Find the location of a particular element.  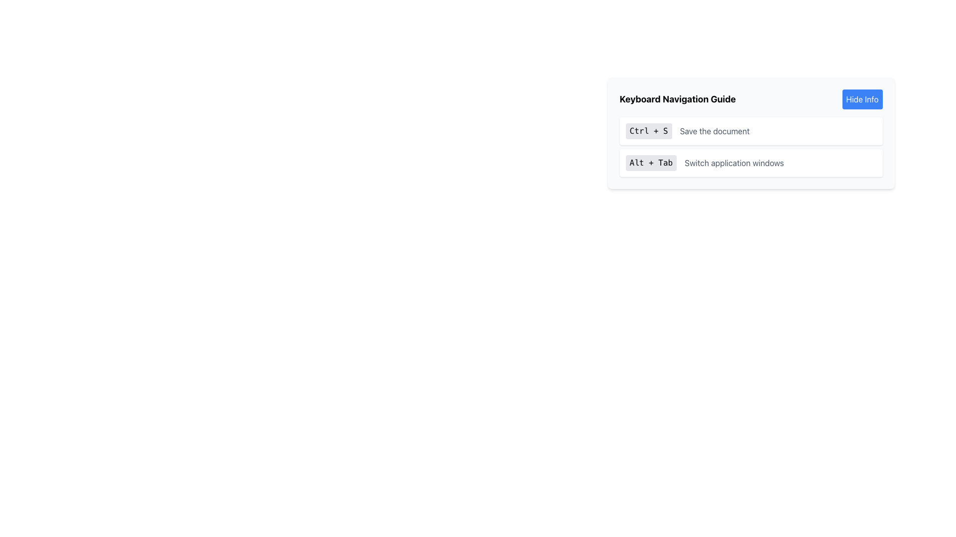

the rectangular button with a blue background and white text reading 'Hide Info' to potentially view its hover effect is located at coordinates (862, 99).